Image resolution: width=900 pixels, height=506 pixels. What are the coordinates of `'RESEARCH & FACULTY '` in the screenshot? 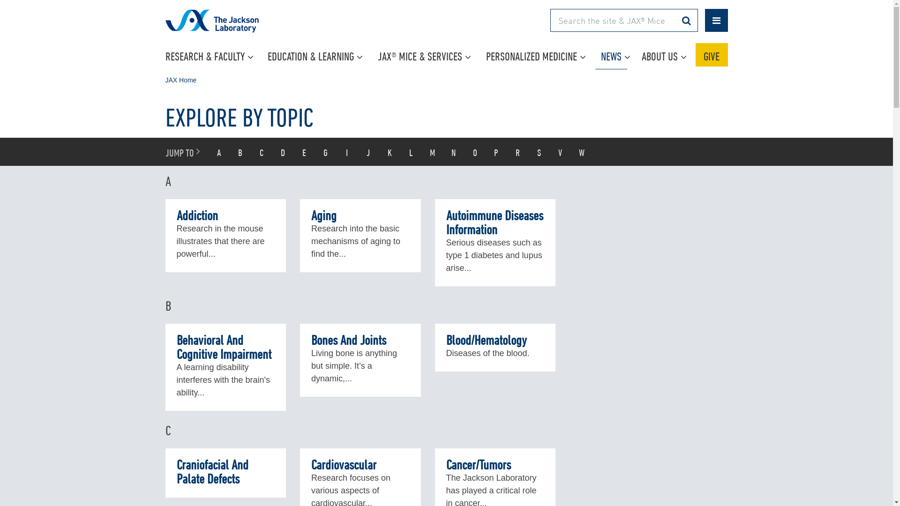 It's located at (210, 54).